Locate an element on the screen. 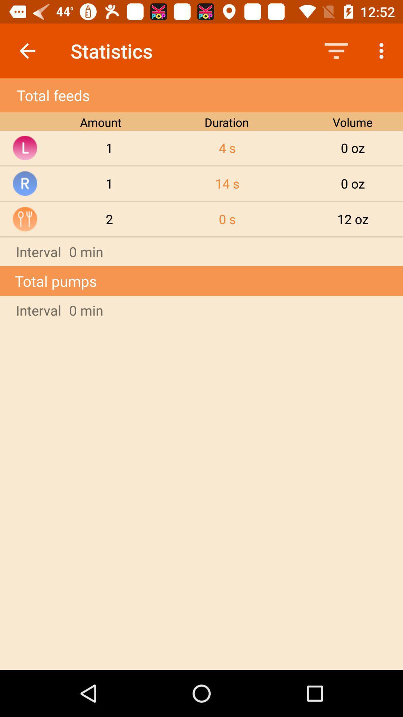 The width and height of the screenshot is (403, 717). the icon above 14 s is located at coordinates (227, 148).